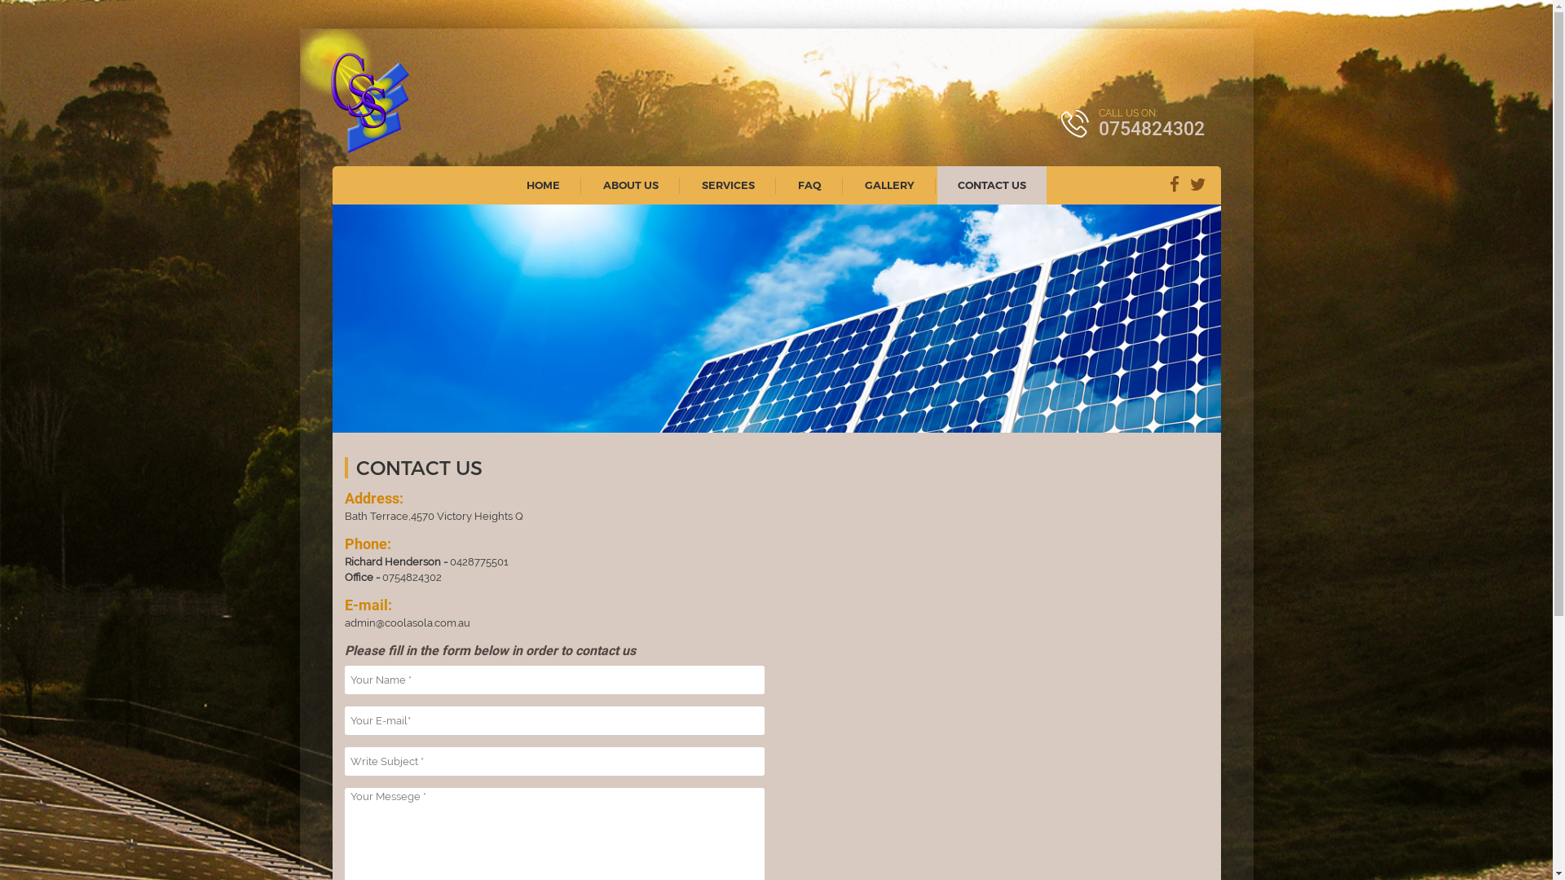  What do you see at coordinates (343, 623) in the screenshot?
I see `'admin@coolasola.com.au'` at bounding box center [343, 623].